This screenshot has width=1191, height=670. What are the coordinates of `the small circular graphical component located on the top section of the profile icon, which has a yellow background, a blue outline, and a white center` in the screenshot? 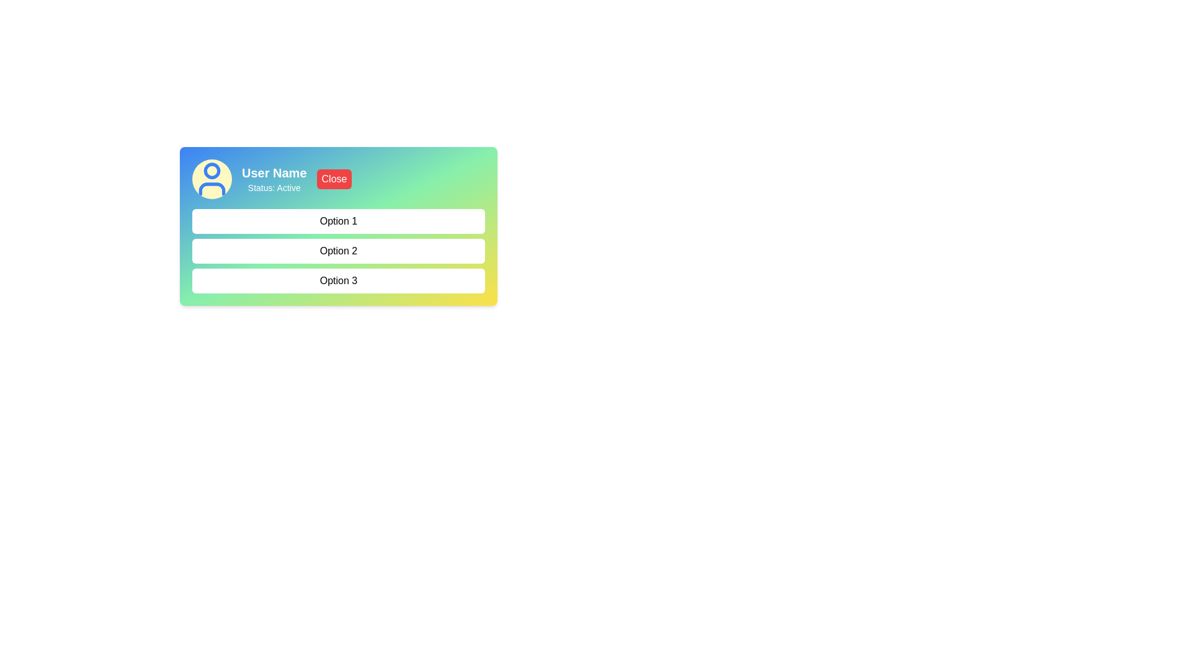 It's located at (212, 170).